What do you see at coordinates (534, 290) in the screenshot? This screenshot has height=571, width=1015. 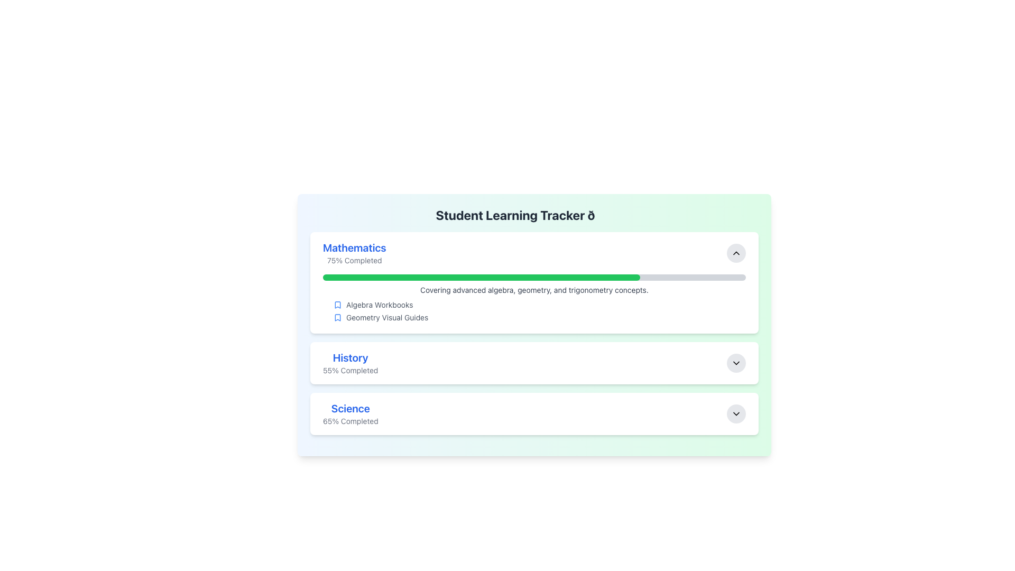 I see `the Text label displaying 'Covering advanced algebra, geometry, and trigonometry concepts.' which is located directly below the green progress bar in the top section of the interface` at bounding box center [534, 290].